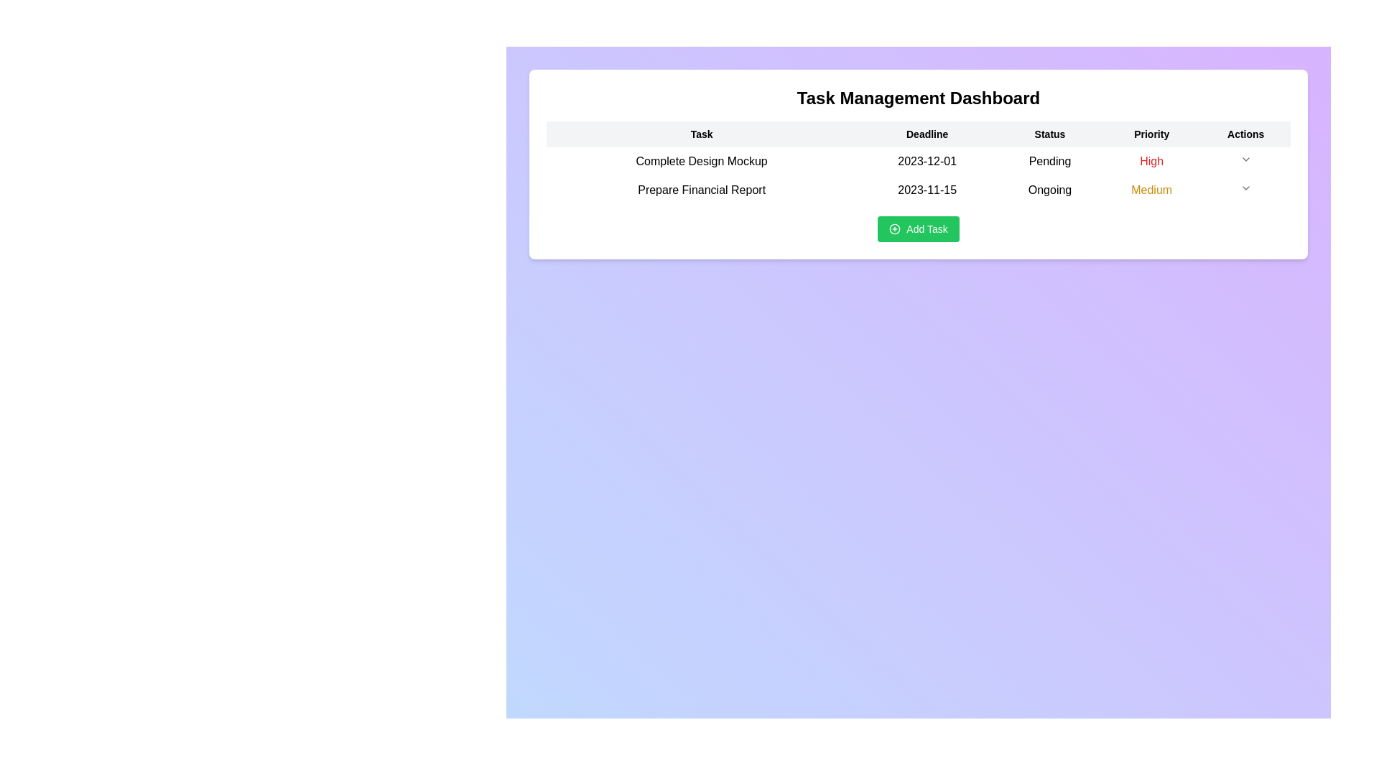 Image resolution: width=1379 pixels, height=776 pixels. What do you see at coordinates (1245, 134) in the screenshot?
I see `the 'Actions' text label, which is the rightmost header in the table with black, bold text on a light gray background` at bounding box center [1245, 134].